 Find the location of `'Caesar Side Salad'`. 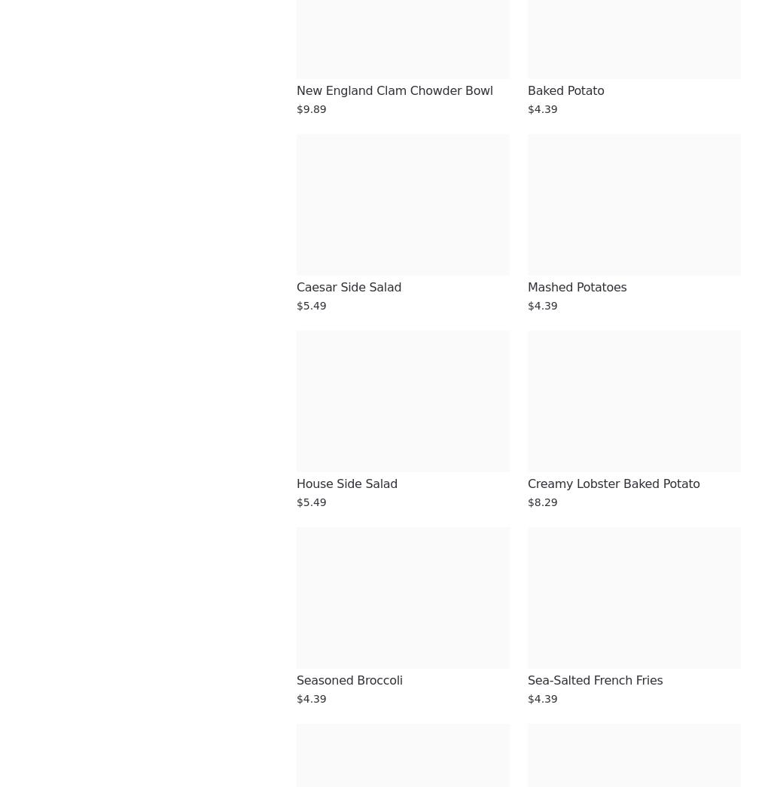

'Caesar Side Salad' is located at coordinates (349, 286).